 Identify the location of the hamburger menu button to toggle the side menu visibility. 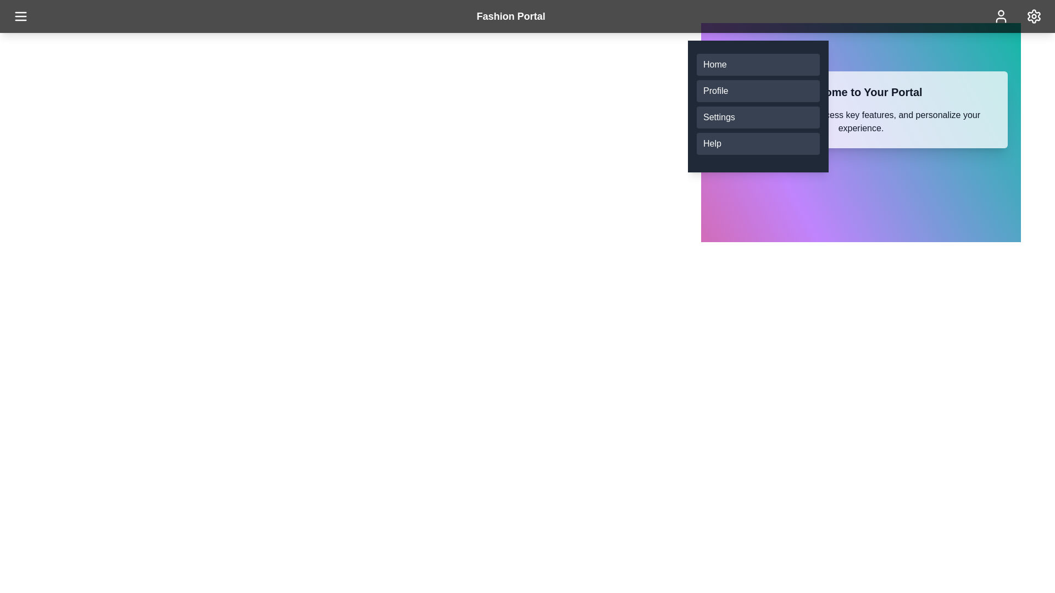
(21, 16).